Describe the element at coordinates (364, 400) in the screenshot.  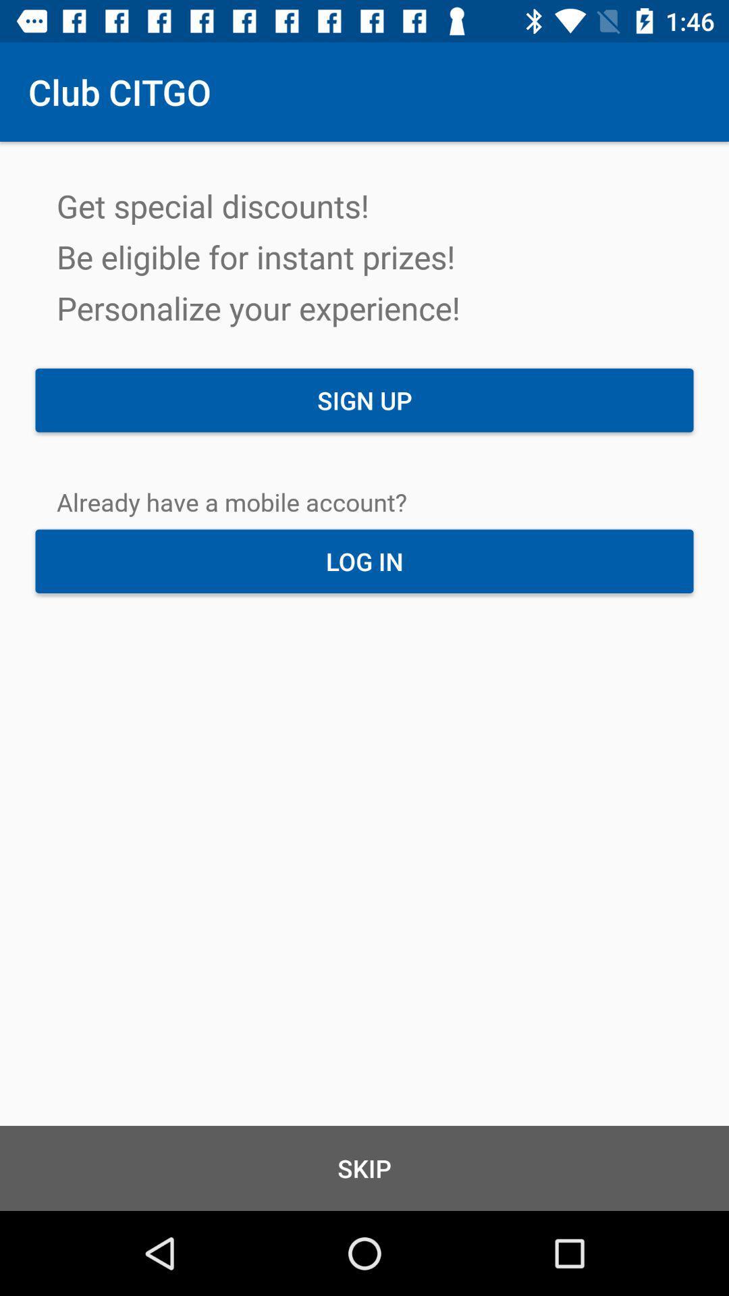
I see `the icon below get special discounts item` at that location.